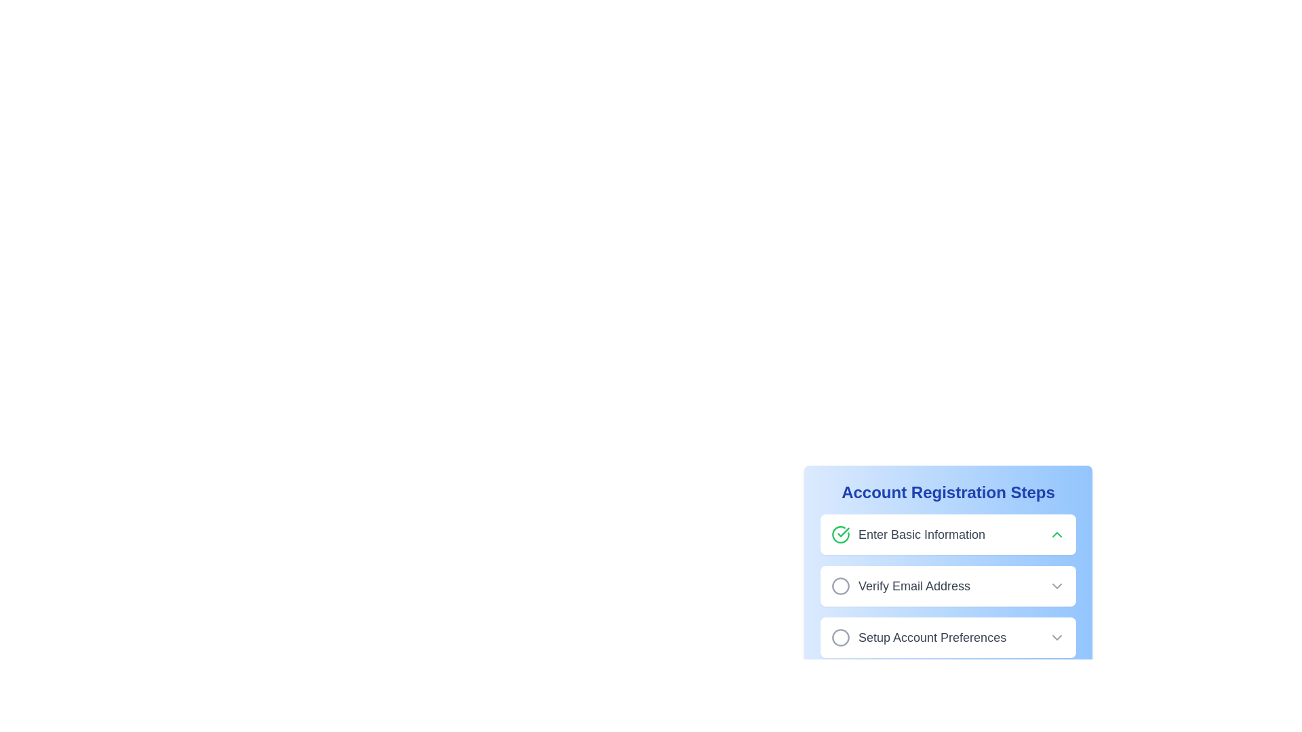  Describe the element at coordinates (840, 638) in the screenshot. I see `the 'Setup Account Preferences' icon` at that location.